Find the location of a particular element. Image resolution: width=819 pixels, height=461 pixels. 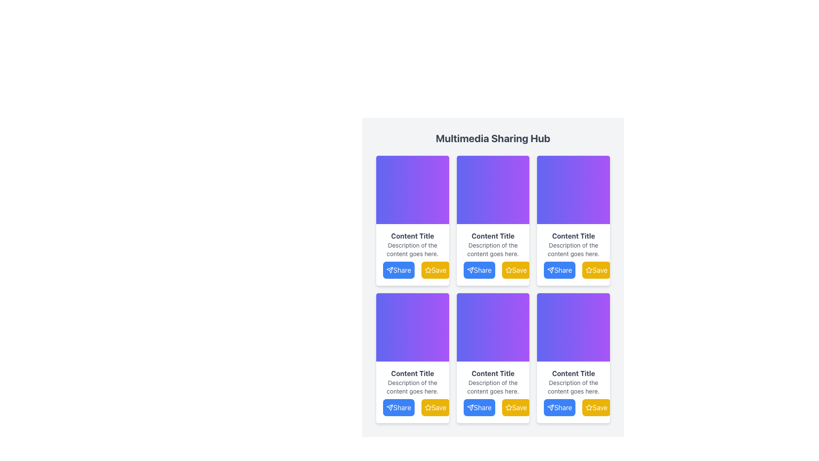

the 'Share' button located at the bottom of the card in the third column of the top row is located at coordinates (560, 270).